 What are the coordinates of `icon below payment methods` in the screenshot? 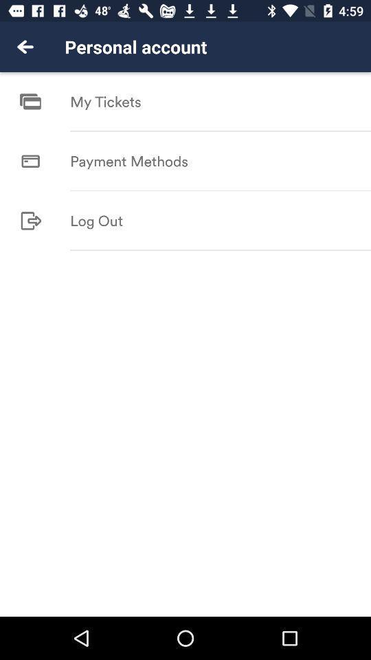 It's located at (221, 190).